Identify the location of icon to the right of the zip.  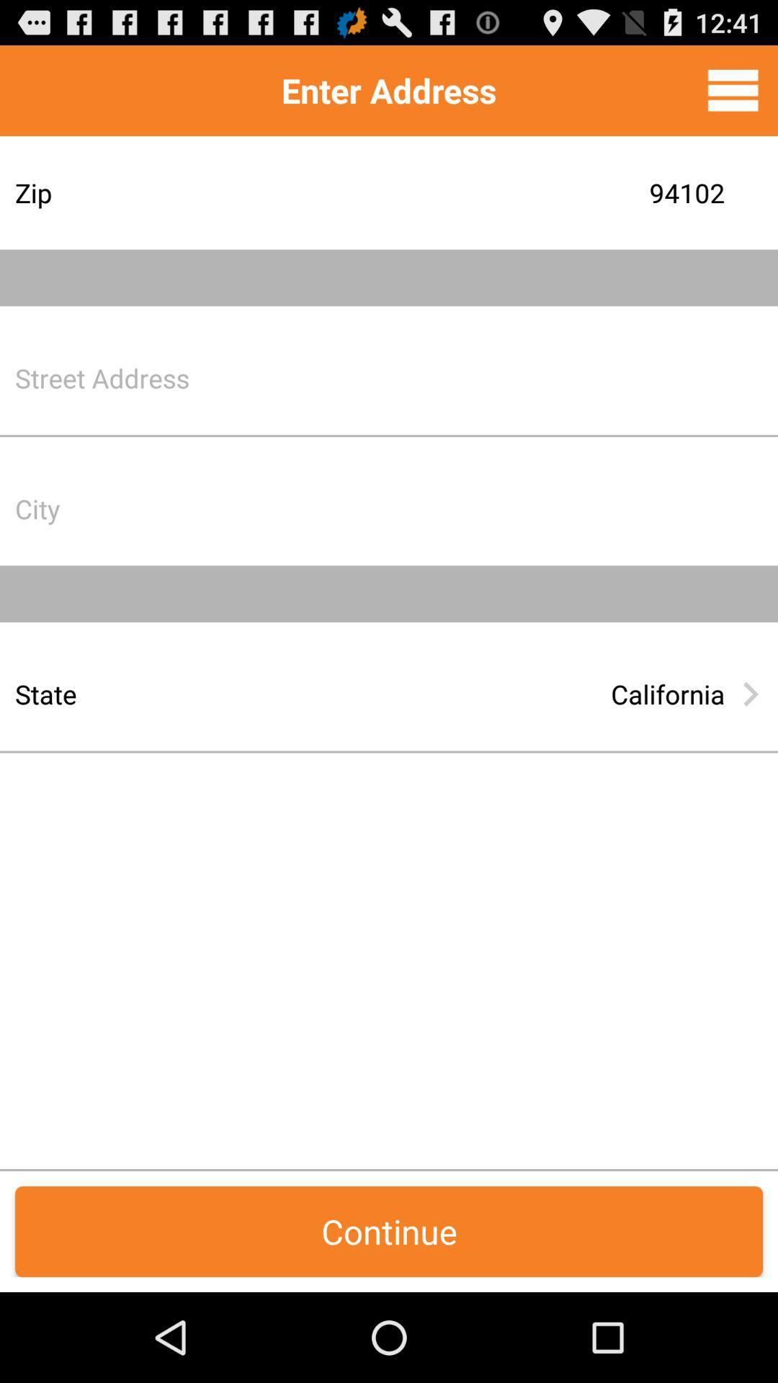
(500, 192).